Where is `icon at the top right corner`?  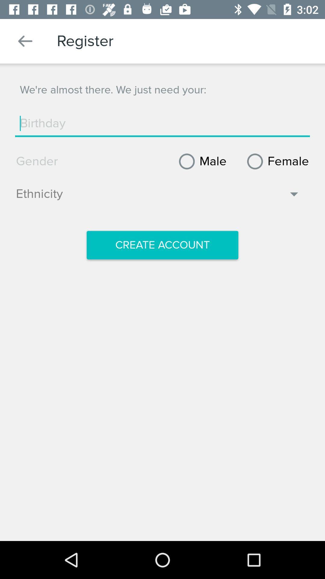 icon at the top right corner is located at coordinates (276, 161).